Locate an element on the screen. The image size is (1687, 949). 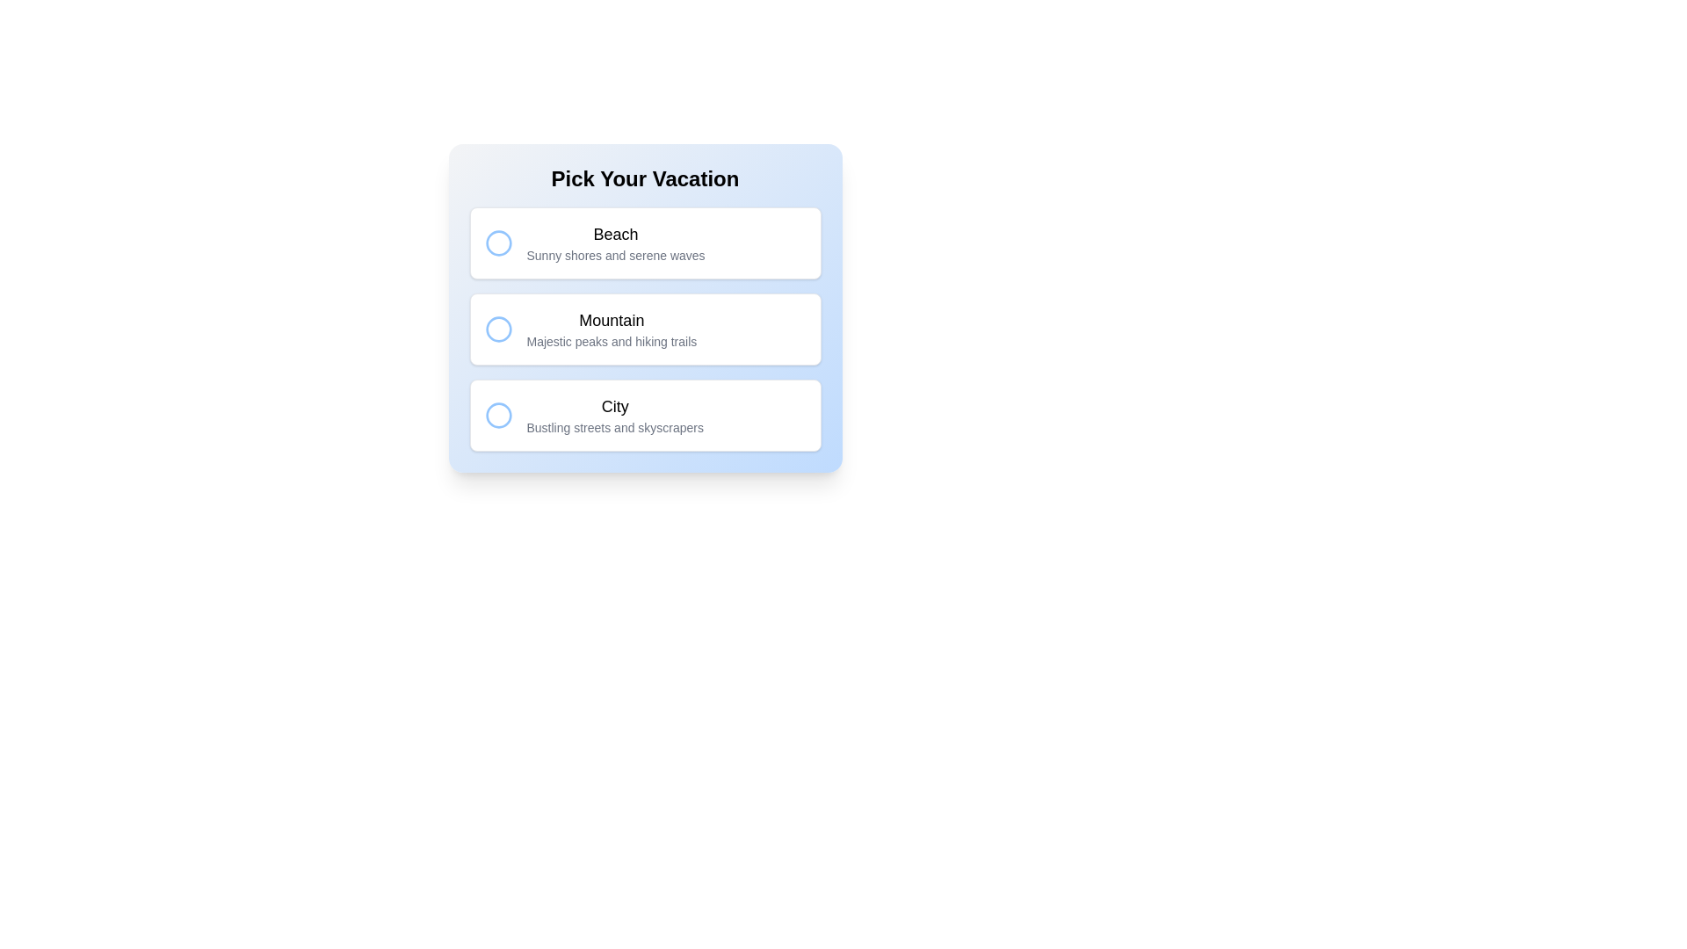
the second radio button in a vertical list, which has a hollow center and a blue border is located at coordinates (497, 329).